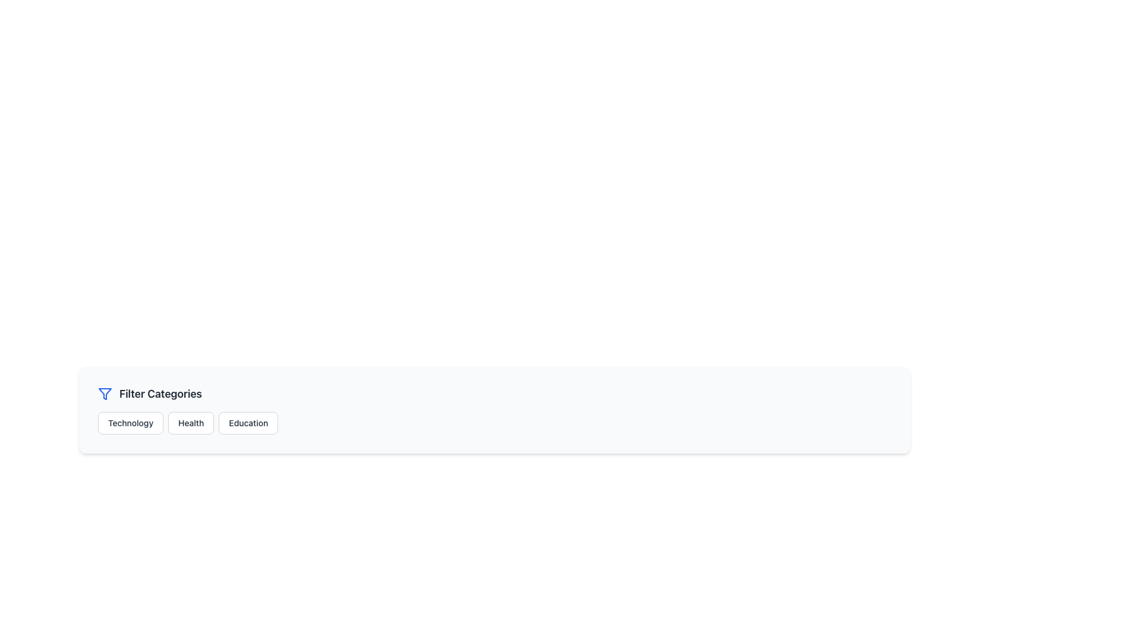 The image size is (1141, 642). What do you see at coordinates (160, 394) in the screenshot?
I see `the label that serves as a title for the filter categories, located to the right of the small filter icon at the top left corner of the filter options group` at bounding box center [160, 394].